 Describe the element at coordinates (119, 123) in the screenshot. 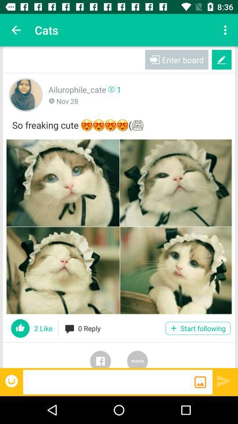

I see `the so freaking cute icon` at that location.